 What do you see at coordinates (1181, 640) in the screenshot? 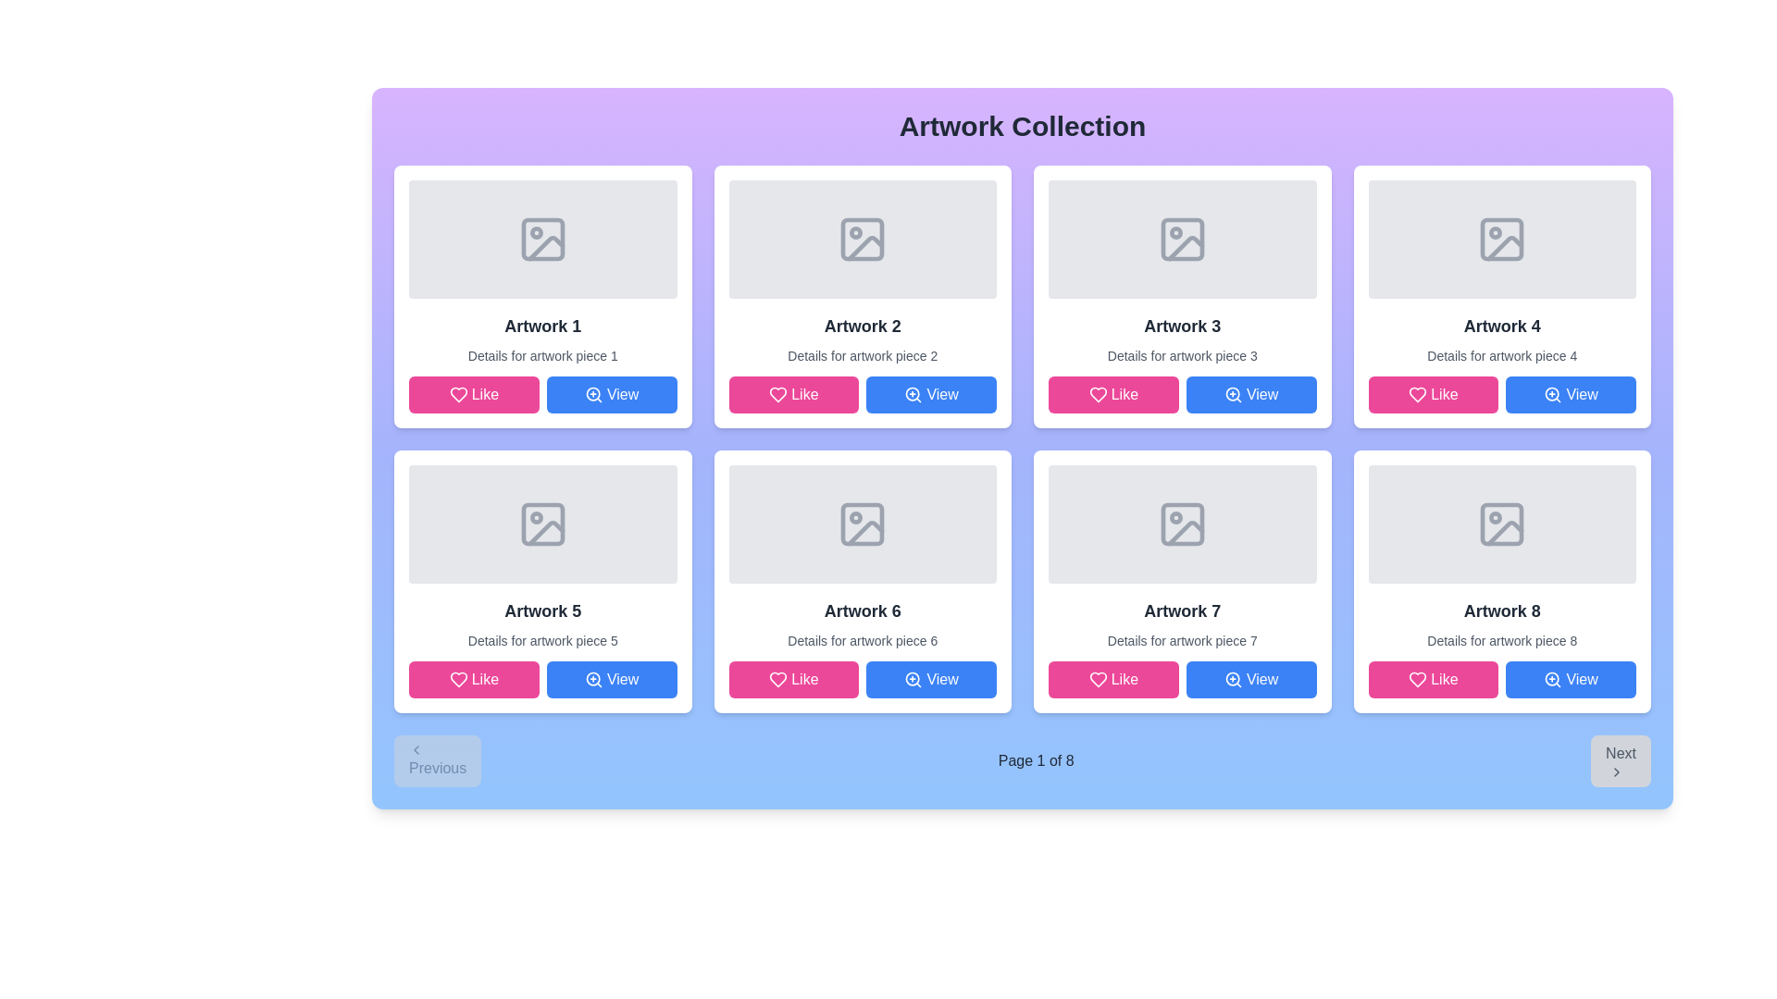
I see `the text label that contains 'Details for artwork piece 7', which is located below the title 'Artwork 7' and above the 'Like' and 'View' buttons` at bounding box center [1181, 640].